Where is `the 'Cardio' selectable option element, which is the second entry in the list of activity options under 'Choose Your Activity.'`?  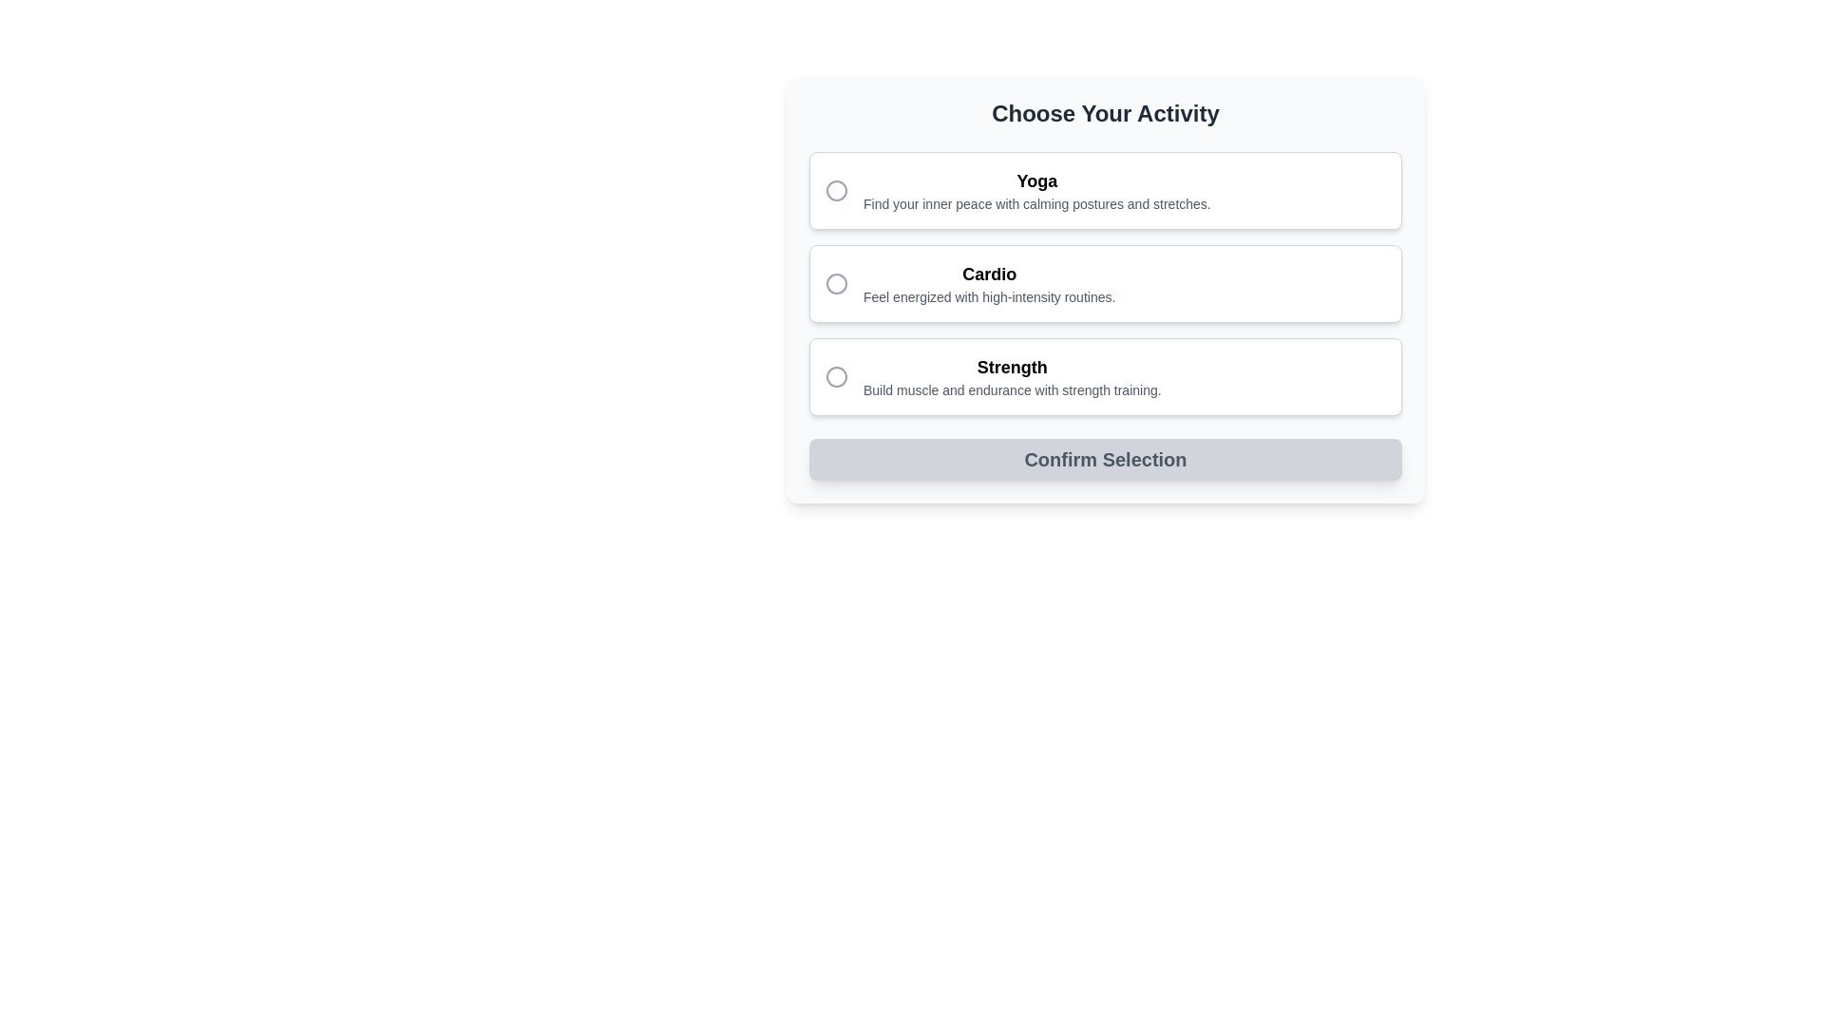
the 'Cardio' selectable option element, which is the second entry in the list of activity options under 'Choose Your Activity.' is located at coordinates (988, 284).